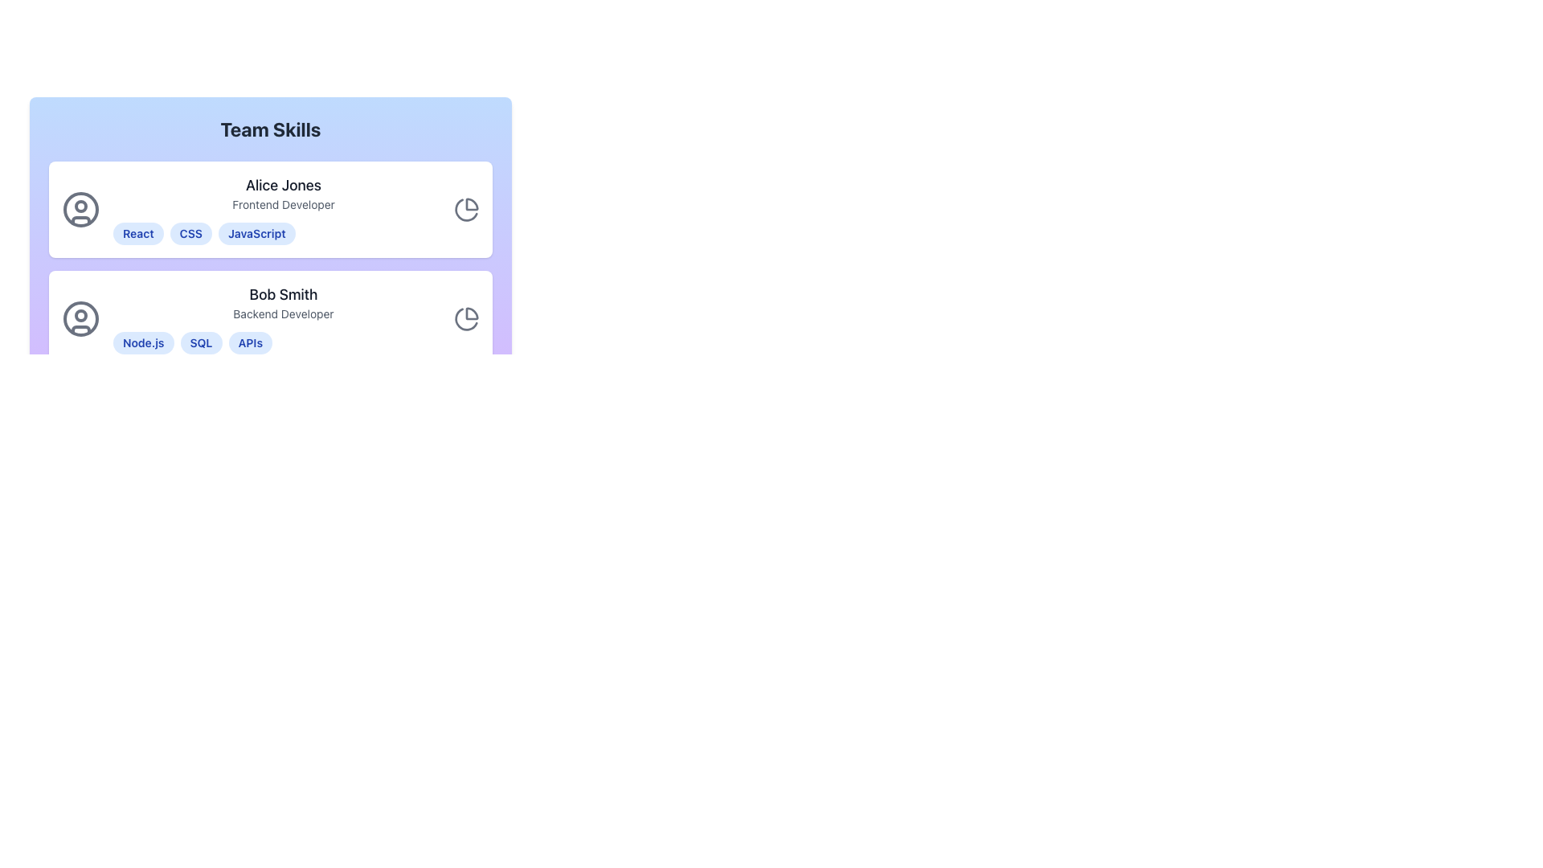 The width and height of the screenshot is (1543, 868). What do you see at coordinates (80, 206) in the screenshot?
I see `the smaller circular decorative element in Alice Jones' profile within the Team Skills section` at bounding box center [80, 206].